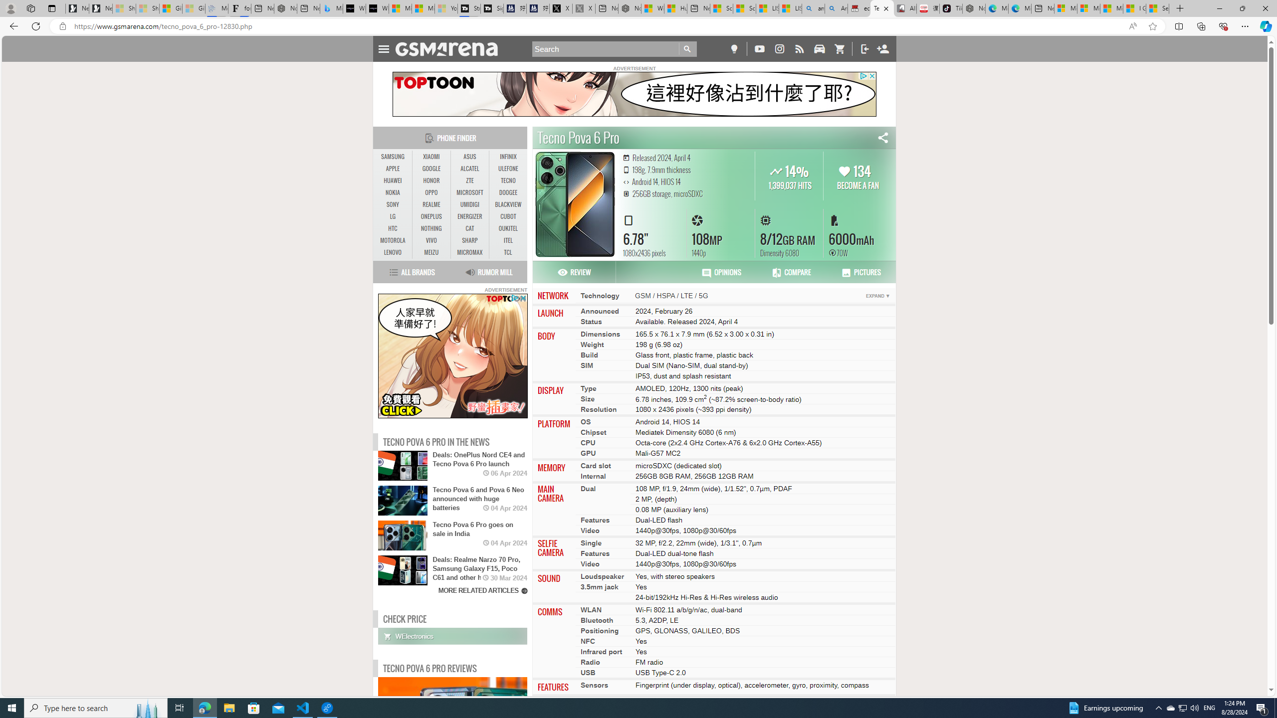  Describe the element at coordinates (431, 216) in the screenshot. I see `'ONEPLUS'` at that location.